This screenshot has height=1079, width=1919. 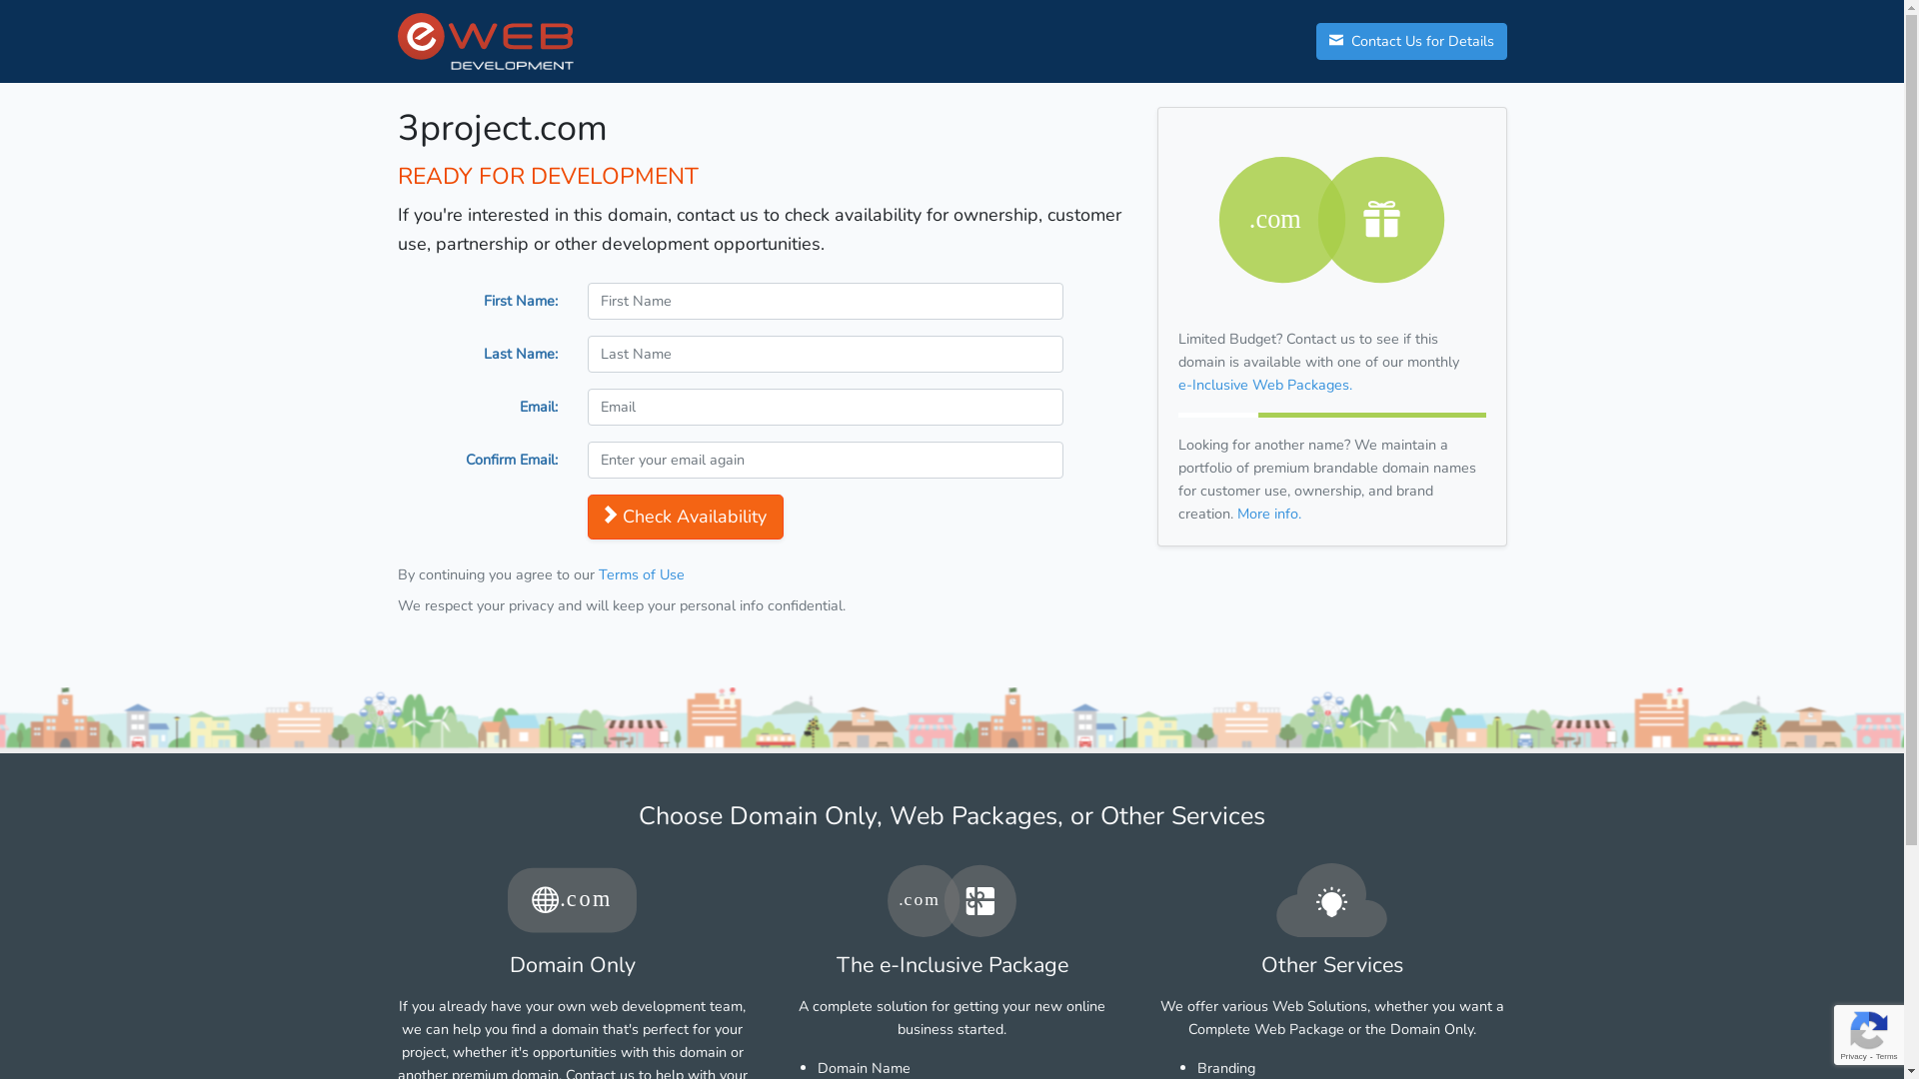 What do you see at coordinates (641, 573) in the screenshot?
I see `'Terms of Use'` at bounding box center [641, 573].